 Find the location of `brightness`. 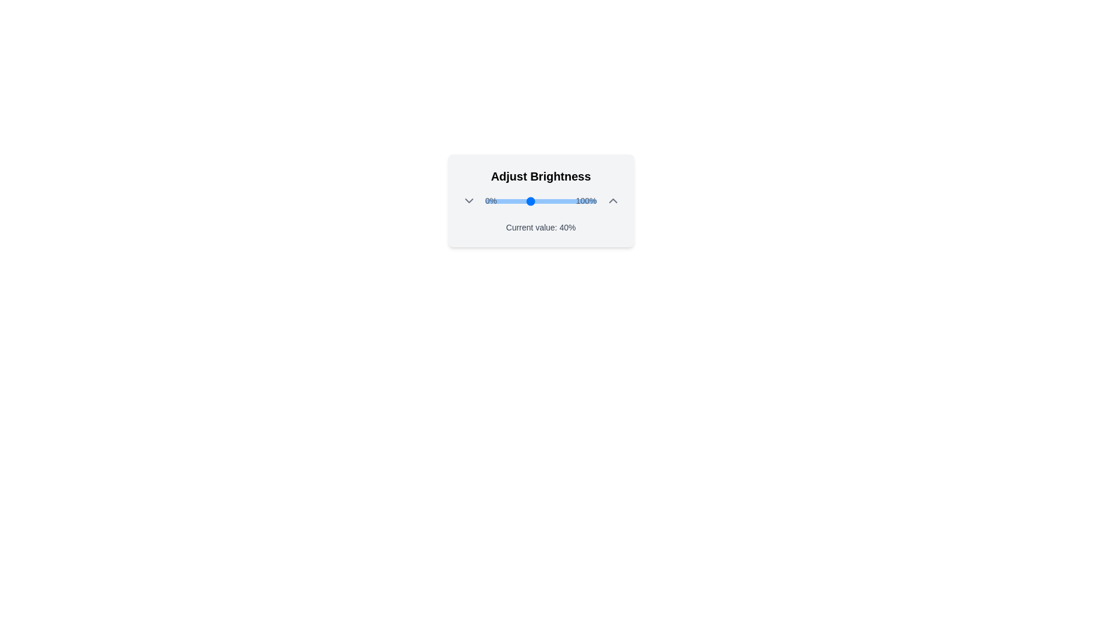

brightness is located at coordinates (563, 201).